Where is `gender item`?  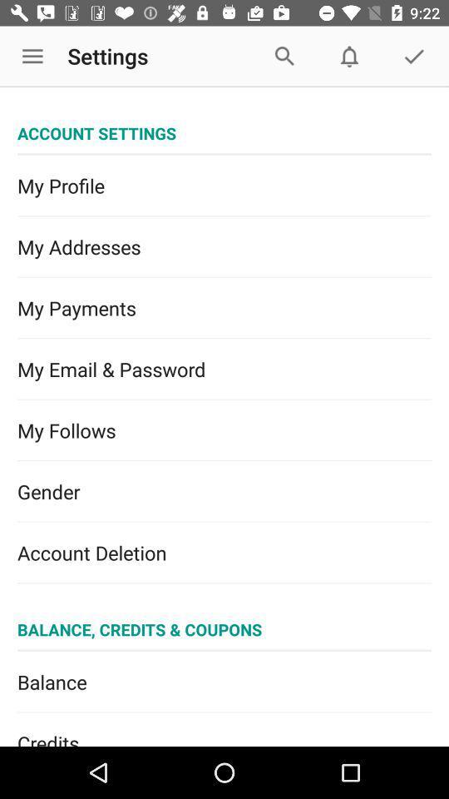 gender item is located at coordinates (224, 491).